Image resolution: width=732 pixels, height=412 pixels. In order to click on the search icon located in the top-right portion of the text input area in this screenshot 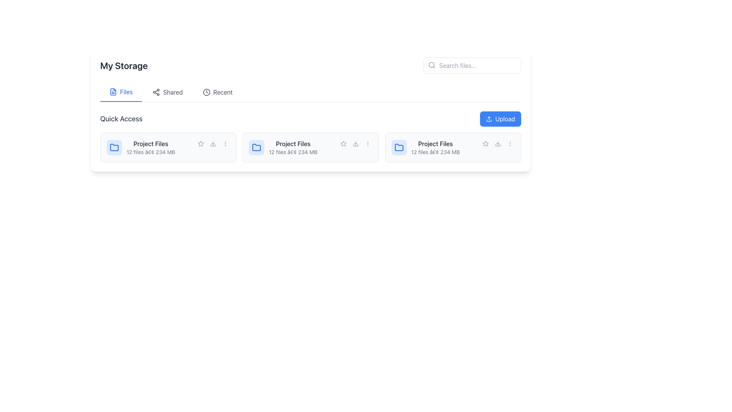, I will do `click(432, 64)`.